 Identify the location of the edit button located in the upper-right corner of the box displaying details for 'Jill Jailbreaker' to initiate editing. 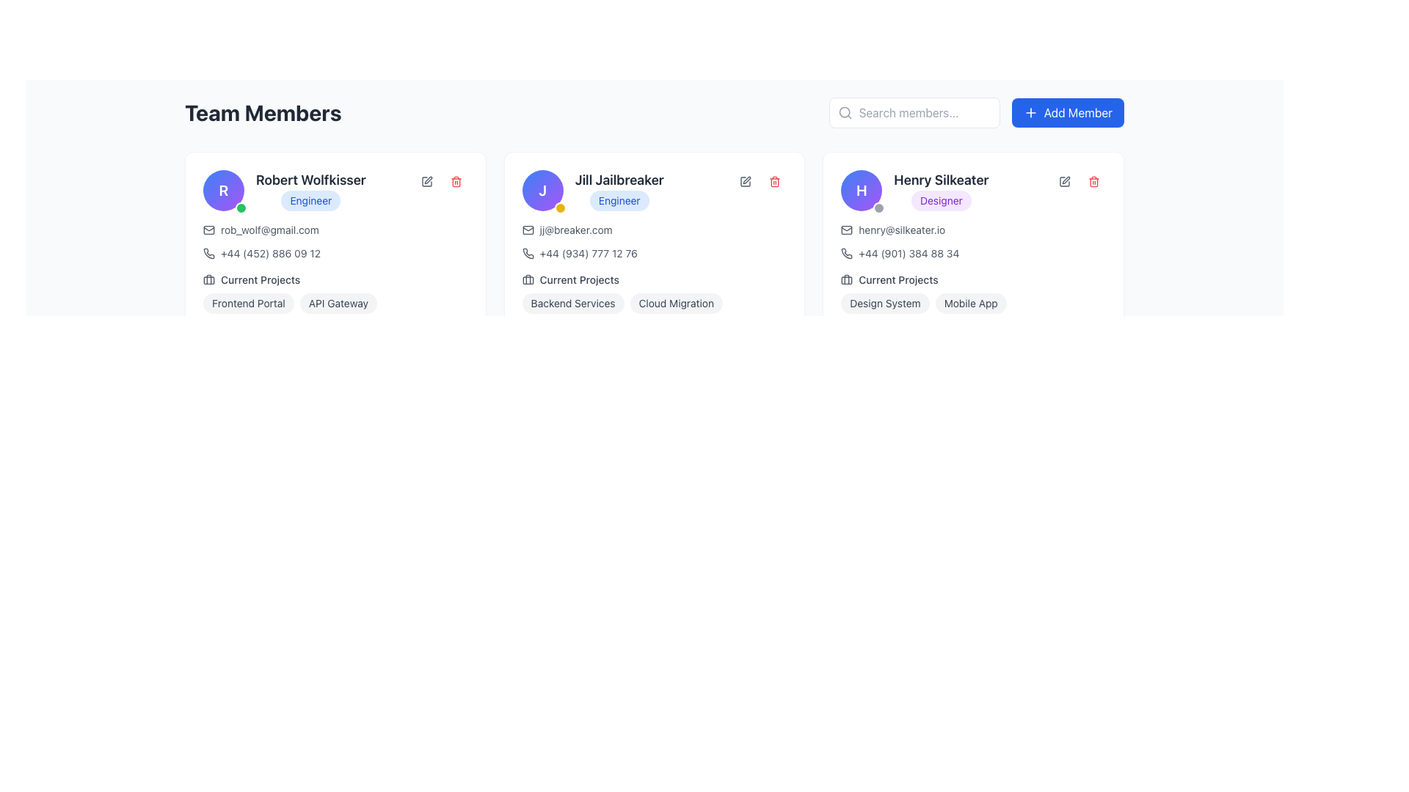
(746, 180).